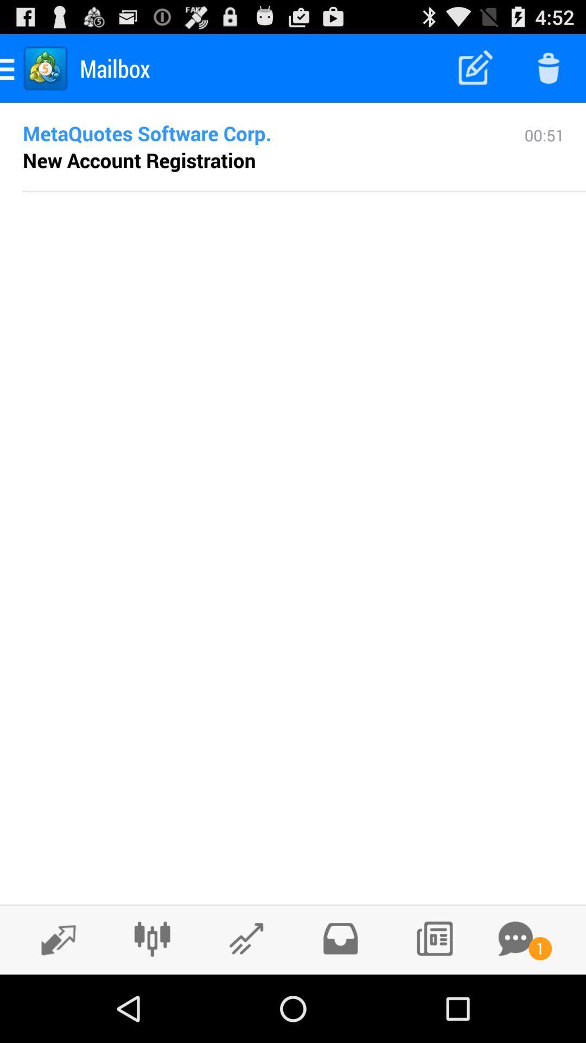 This screenshot has width=586, height=1043. What do you see at coordinates (304, 191) in the screenshot?
I see `the icon below the 00:51 item` at bounding box center [304, 191].